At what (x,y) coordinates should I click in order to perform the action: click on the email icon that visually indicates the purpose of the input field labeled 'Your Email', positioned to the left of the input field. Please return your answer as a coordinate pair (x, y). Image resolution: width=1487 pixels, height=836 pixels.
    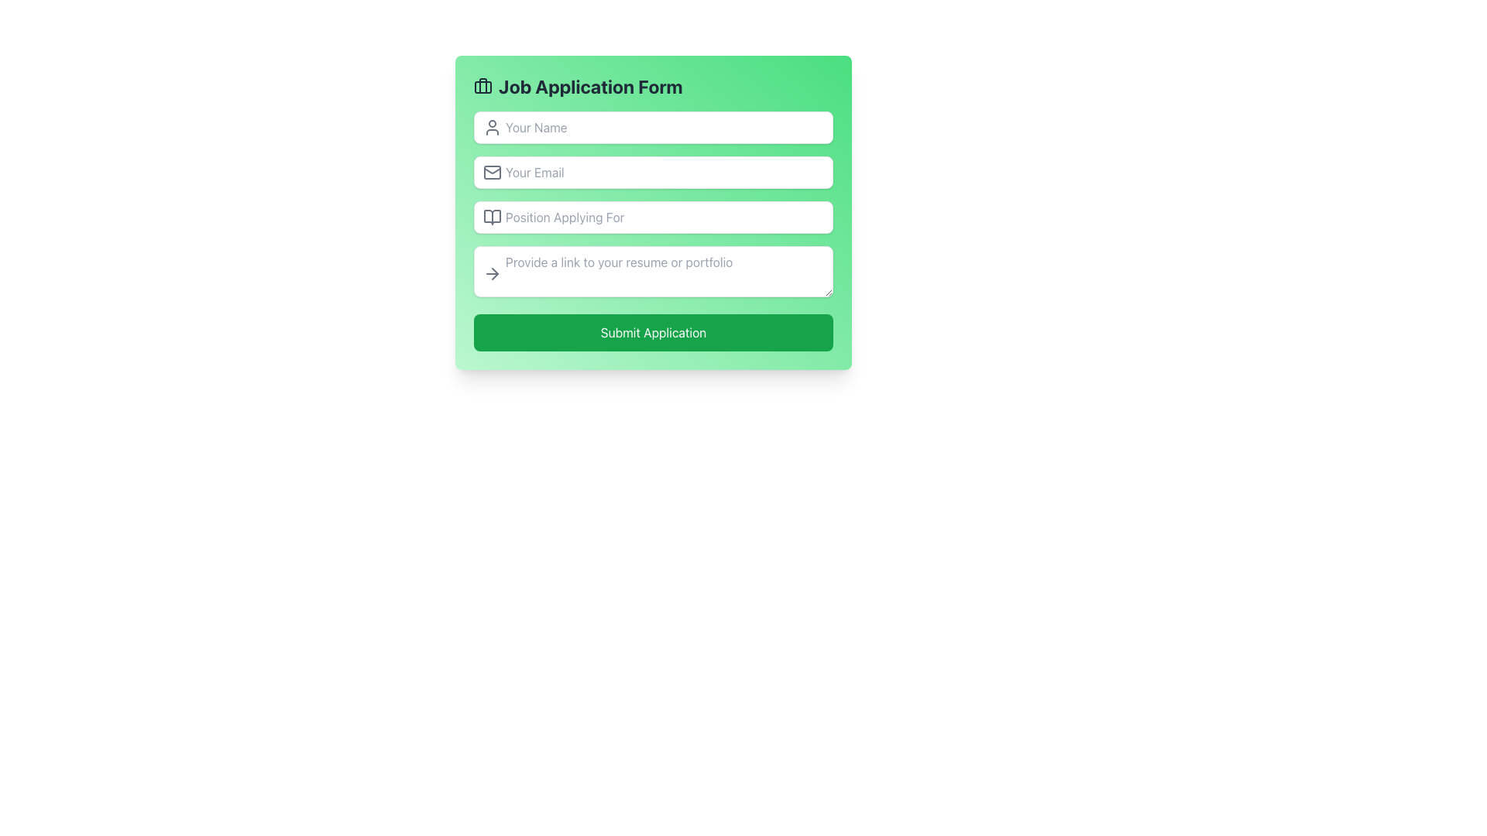
    Looking at the image, I should click on (491, 173).